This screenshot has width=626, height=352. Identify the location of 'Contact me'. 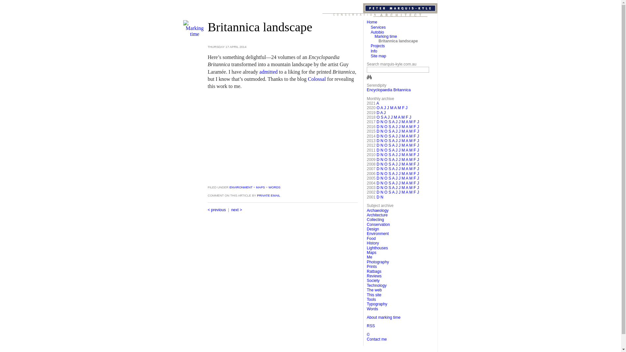
(366, 339).